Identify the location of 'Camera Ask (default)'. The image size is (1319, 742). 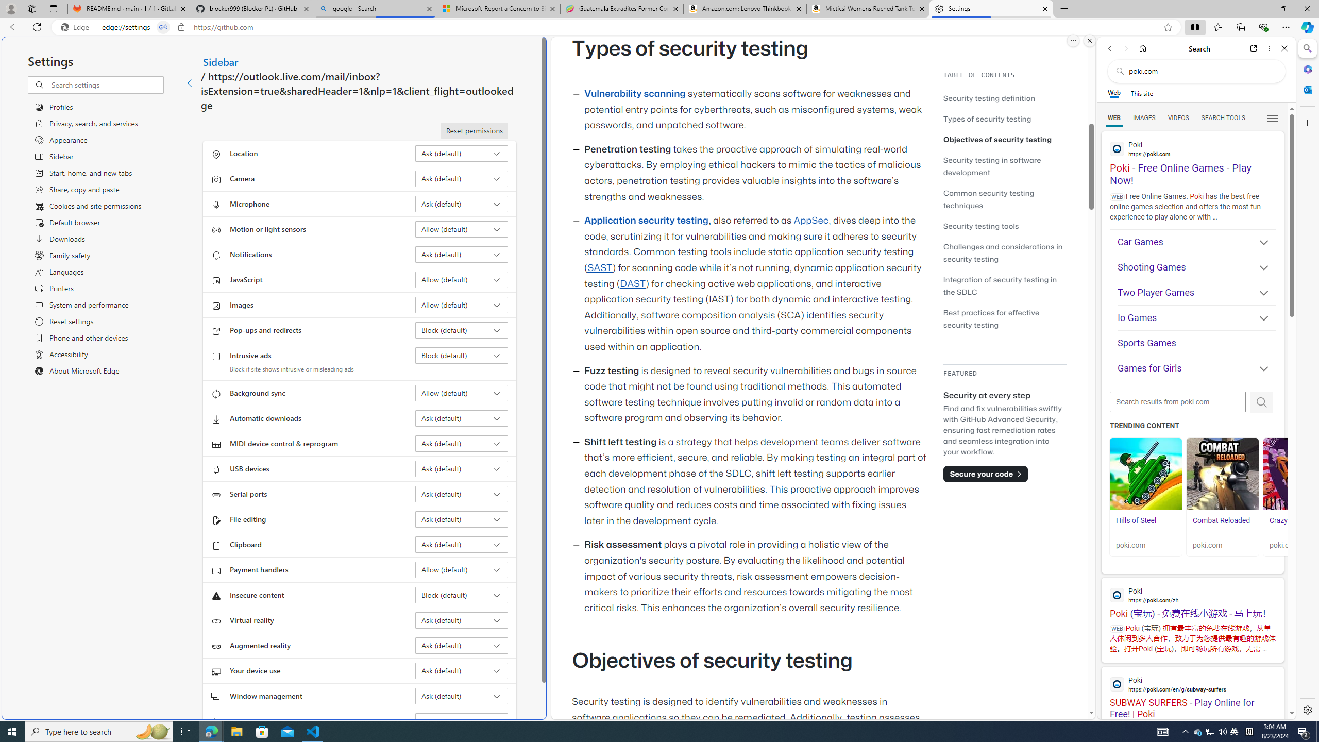
(462, 178).